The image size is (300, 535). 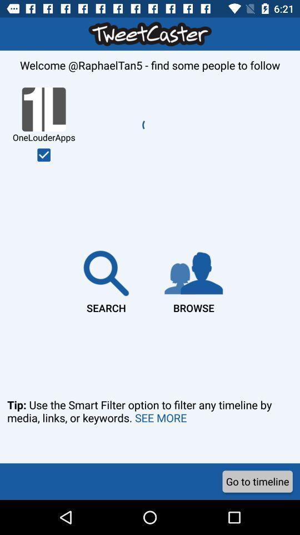 What do you see at coordinates (193, 279) in the screenshot?
I see `the item to the right of the search item` at bounding box center [193, 279].